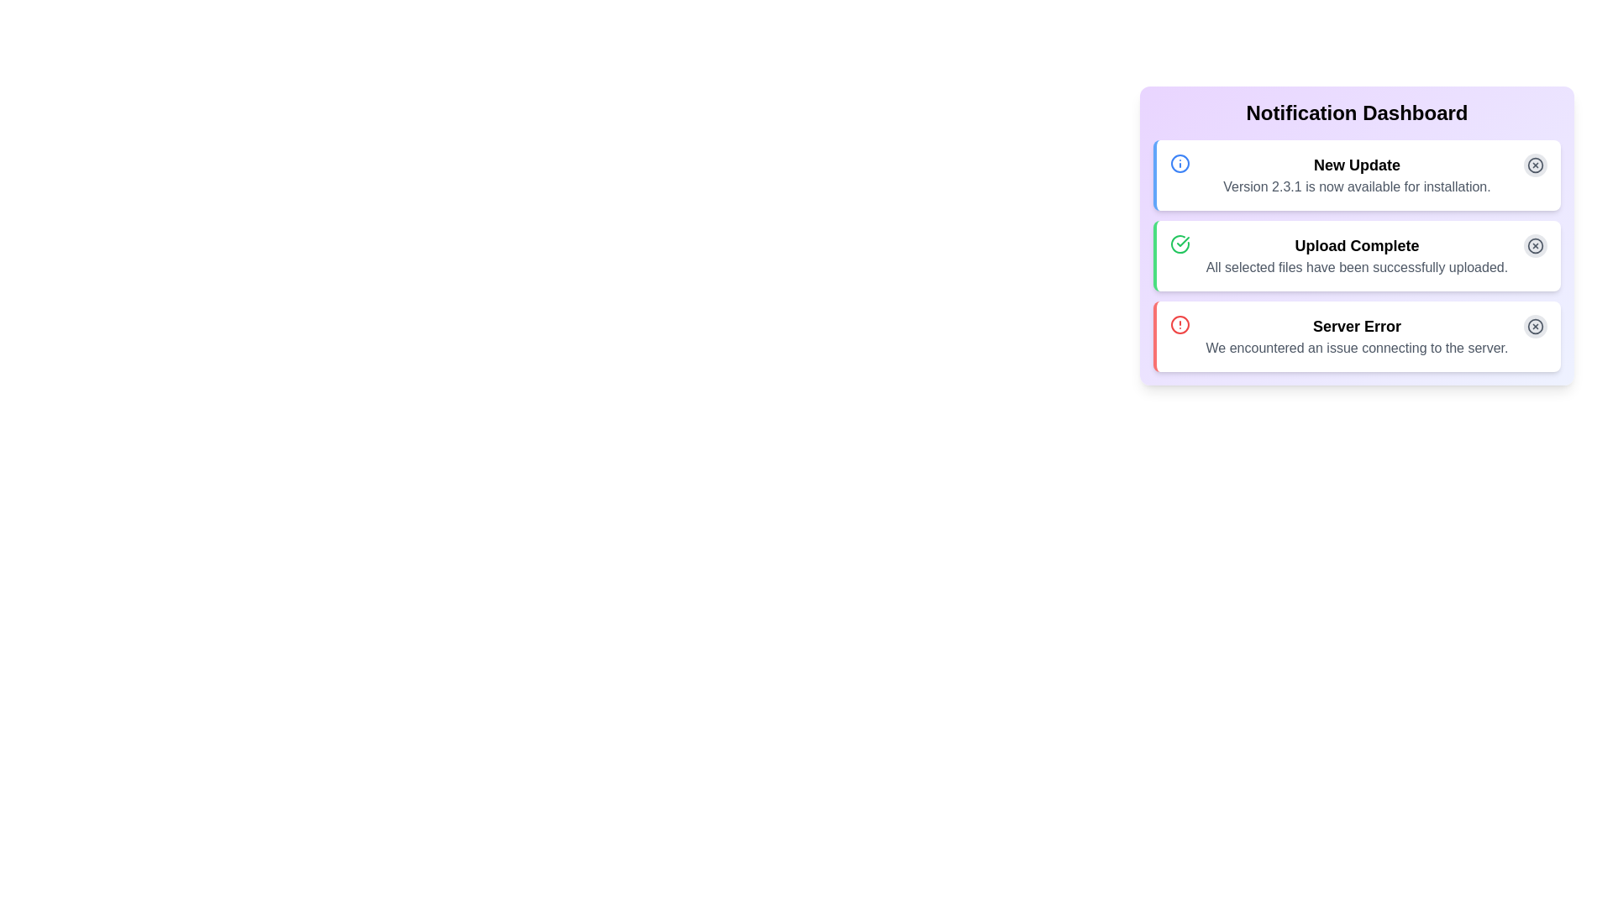 This screenshot has width=1613, height=907. What do you see at coordinates (1180, 324) in the screenshot?
I see `the error indication icon located to the left of the 'Server Error' notification text in the third entry of the Notification Dashboard` at bounding box center [1180, 324].